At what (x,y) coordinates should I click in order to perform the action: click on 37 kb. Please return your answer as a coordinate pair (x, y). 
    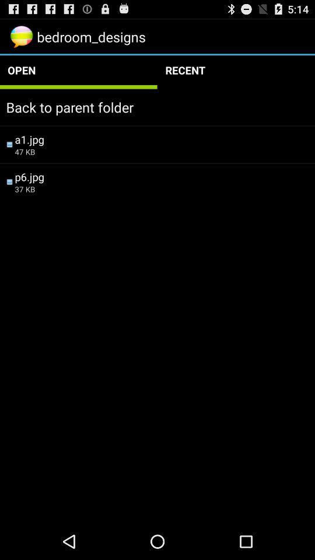
    Looking at the image, I should click on (161, 189).